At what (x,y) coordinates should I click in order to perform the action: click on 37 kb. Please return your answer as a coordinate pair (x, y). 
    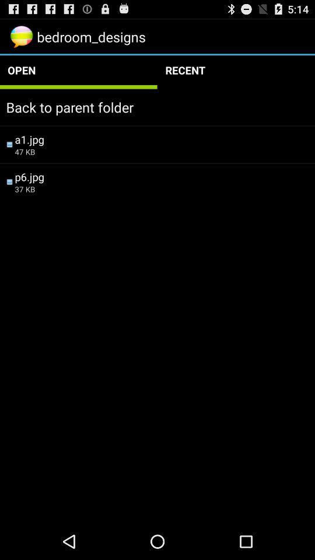
    Looking at the image, I should click on (161, 189).